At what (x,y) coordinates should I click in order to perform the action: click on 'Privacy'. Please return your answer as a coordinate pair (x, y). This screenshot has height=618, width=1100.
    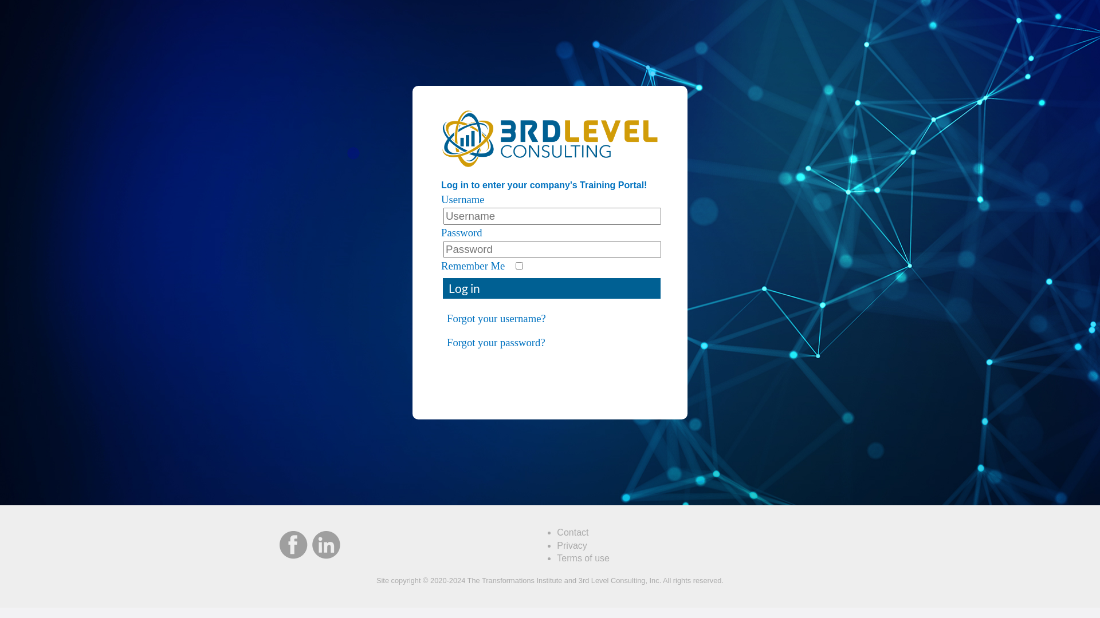
    Looking at the image, I should click on (556, 545).